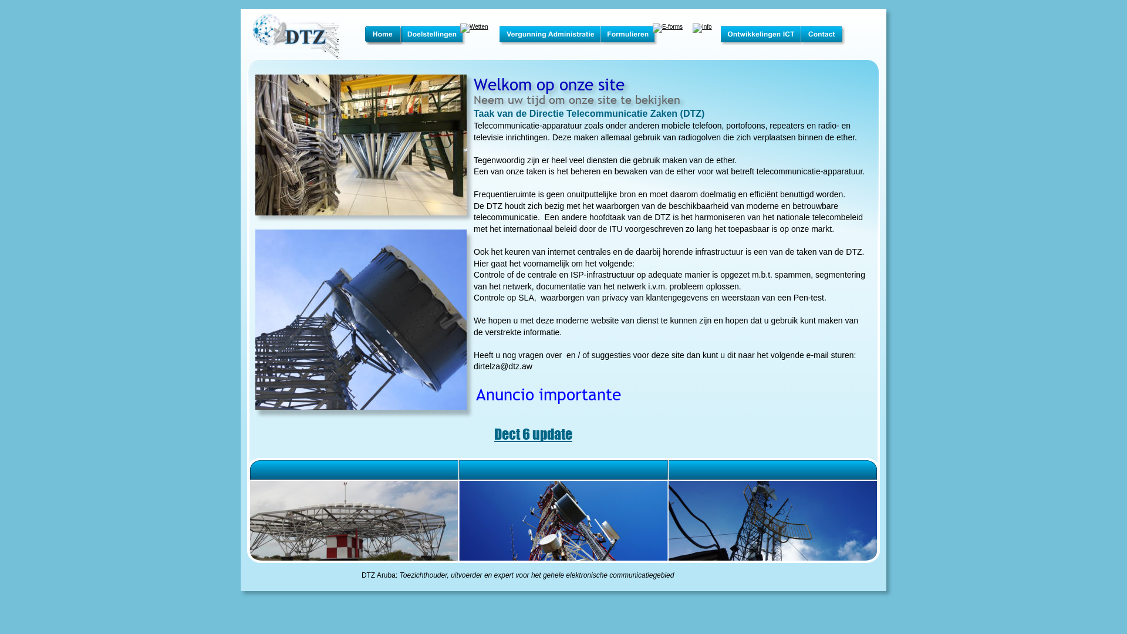  What do you see at coordinates (532, 434) in the screenshot?
I see `'Dect 6 update'` at bounding box center [532, 434].